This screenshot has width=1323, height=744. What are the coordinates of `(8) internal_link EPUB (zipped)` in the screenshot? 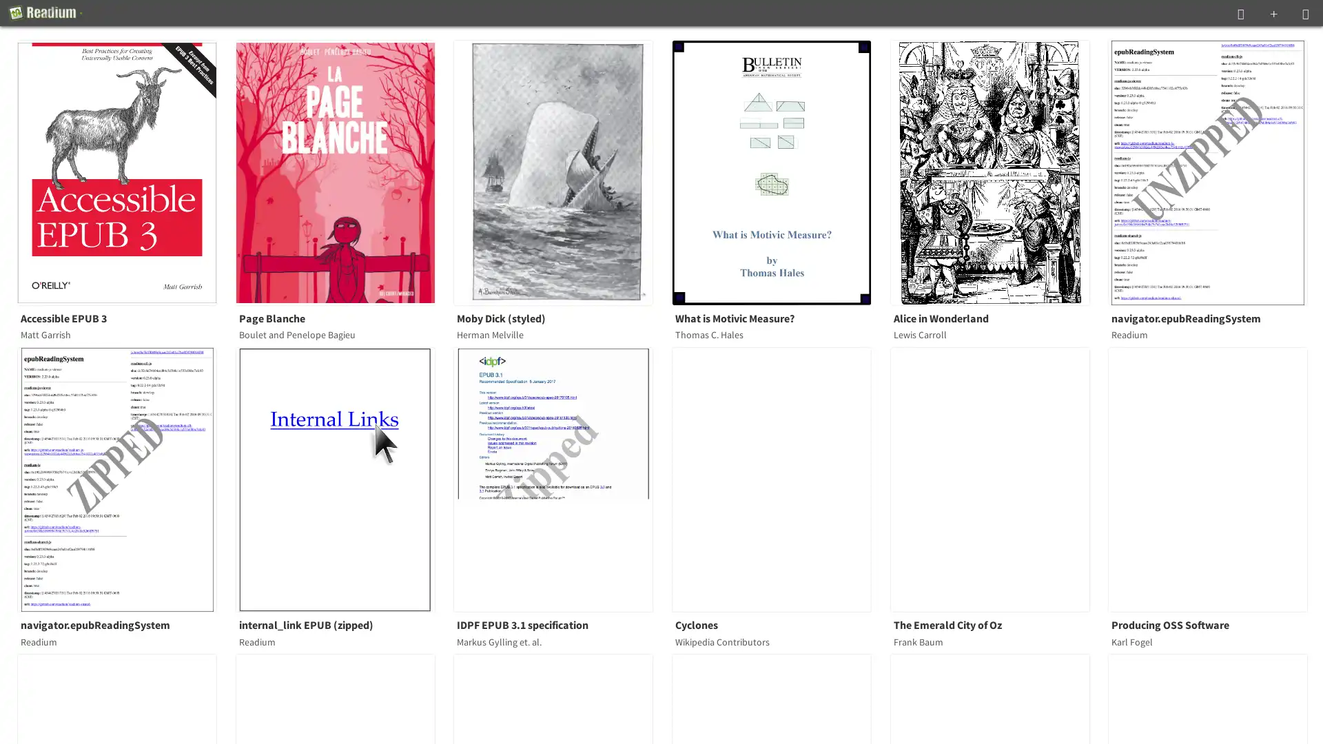 It's located at (343, 478).